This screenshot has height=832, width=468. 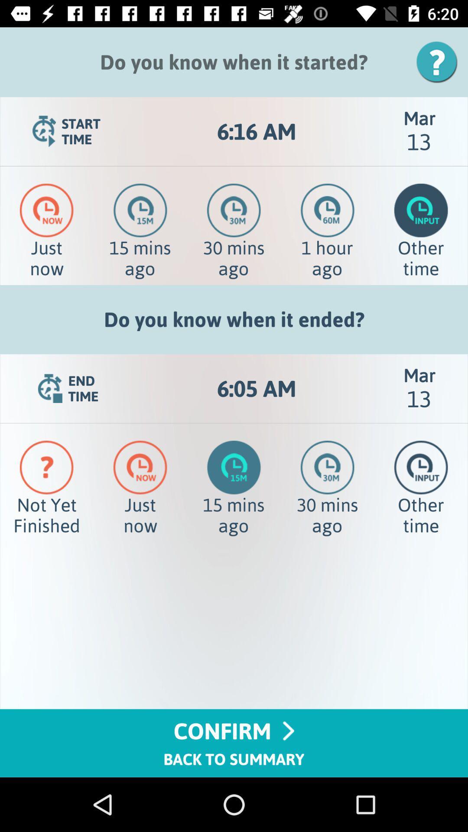 What do you see at coordinates (420, 467) in the screenshot?
I see `the time icon` at bounding box center [420, 467].